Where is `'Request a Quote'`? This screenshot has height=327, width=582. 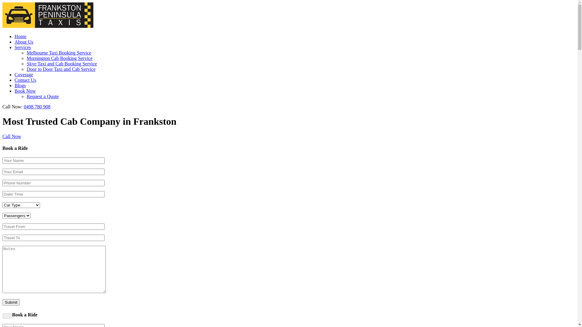
'Request a Quote' is located at coordinates (42, 96).